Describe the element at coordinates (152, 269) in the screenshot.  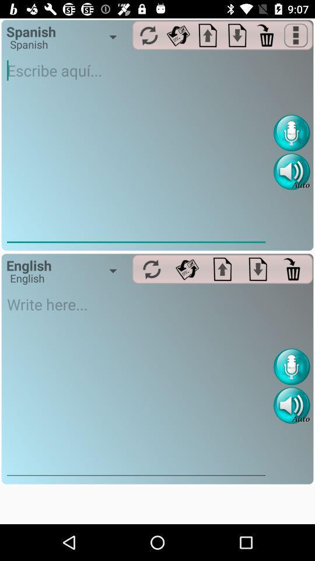
I see `swap the languages` at that location.